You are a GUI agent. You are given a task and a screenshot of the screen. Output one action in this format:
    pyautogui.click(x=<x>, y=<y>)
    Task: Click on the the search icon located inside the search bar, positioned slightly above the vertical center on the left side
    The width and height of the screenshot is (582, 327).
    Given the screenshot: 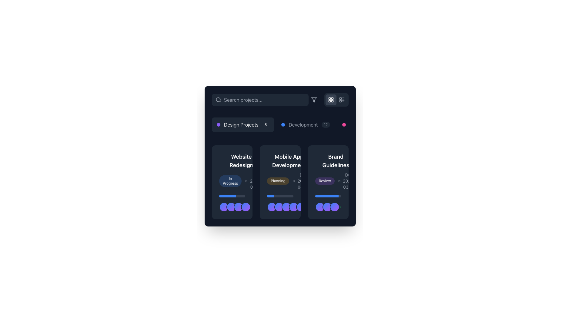 What is the action you would take?
    pyautogui.click(x=218, y=100)
    